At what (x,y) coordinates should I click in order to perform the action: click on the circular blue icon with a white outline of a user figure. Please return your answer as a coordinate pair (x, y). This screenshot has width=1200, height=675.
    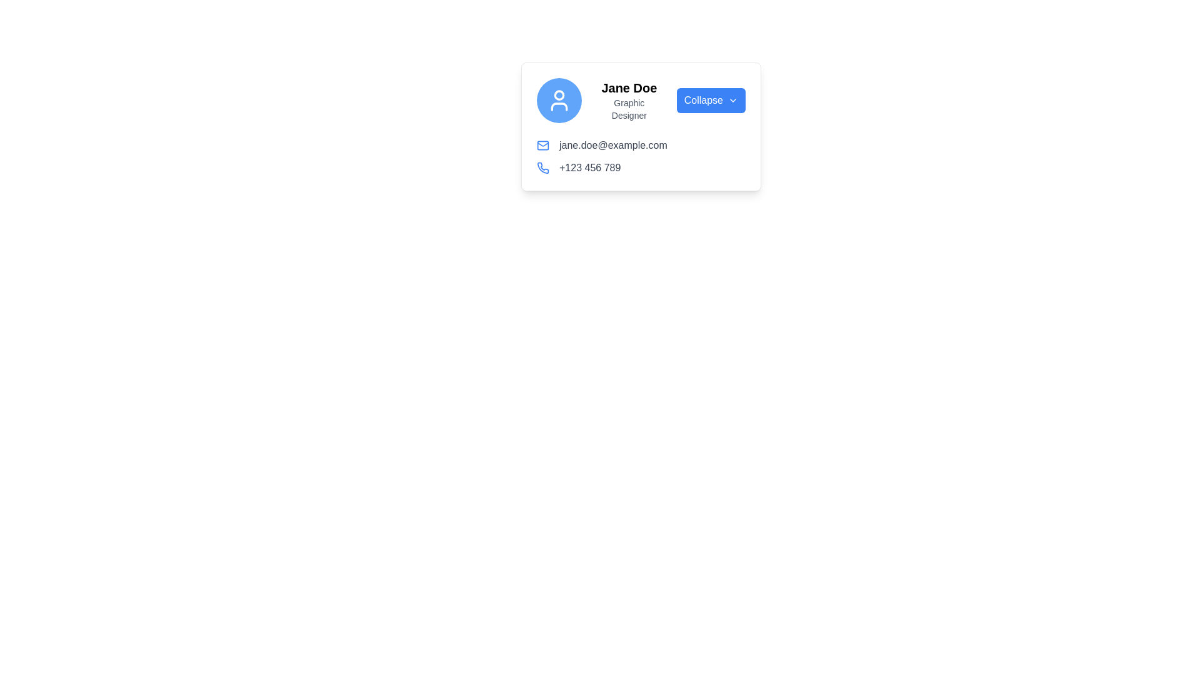
    Looking at the image, I should click on (558, 100).